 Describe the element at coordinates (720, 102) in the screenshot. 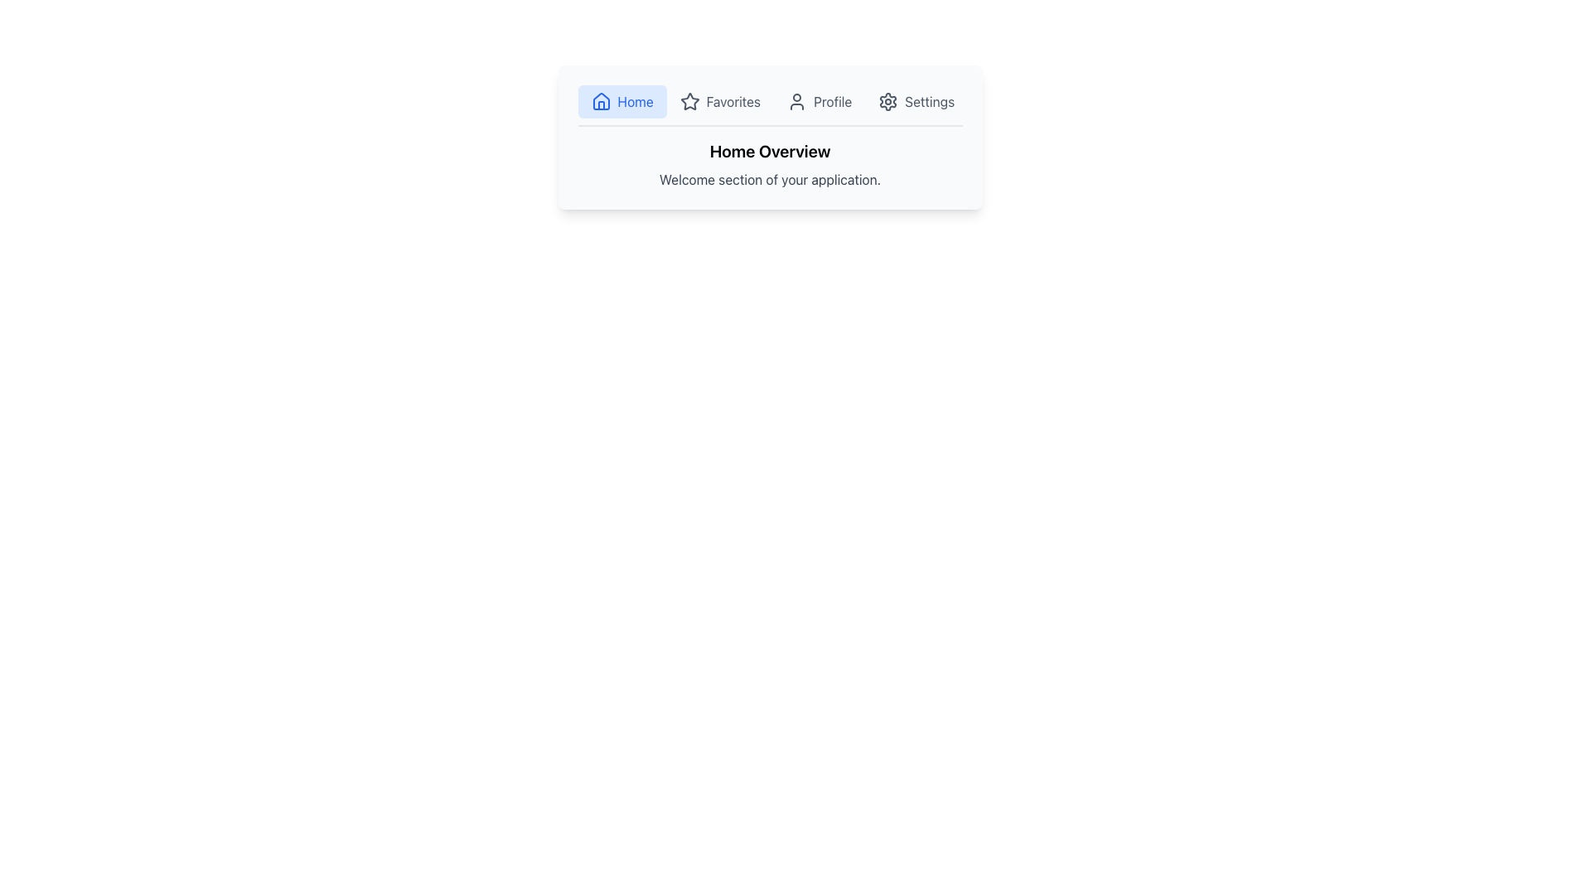

I see `the 'Favorites' navigation button, which is the second button in a horizontal list of options` at that location.